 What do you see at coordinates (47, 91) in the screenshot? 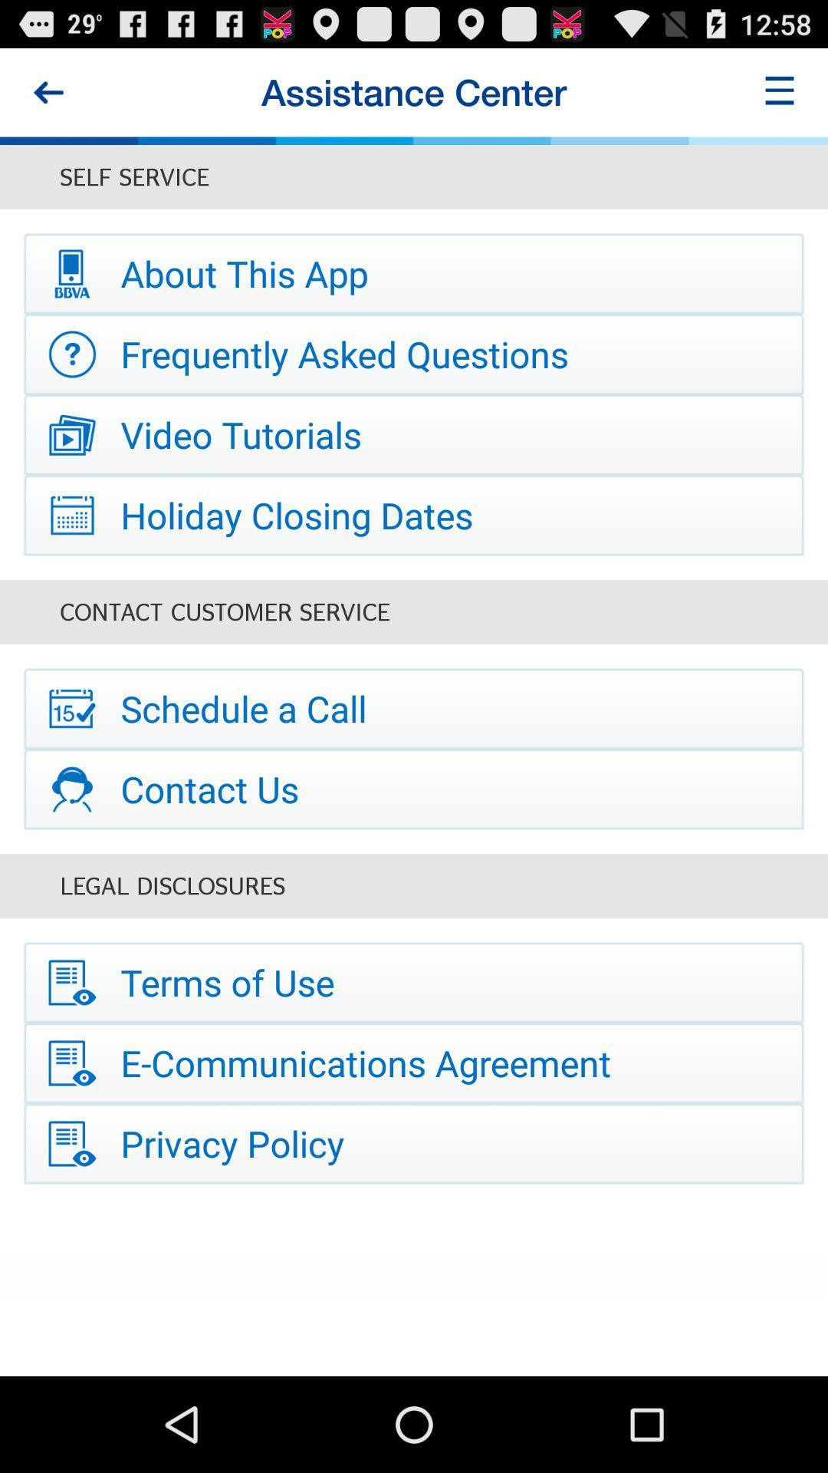
I see `the icon at the top left corner` at bounding box center [47, 91].